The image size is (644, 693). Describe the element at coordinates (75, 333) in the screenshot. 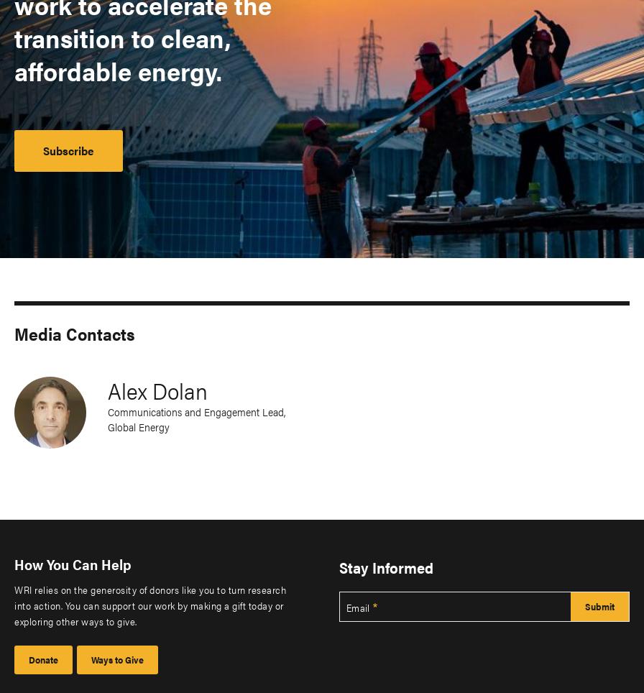

I see `'Media Contacts'` at that location.